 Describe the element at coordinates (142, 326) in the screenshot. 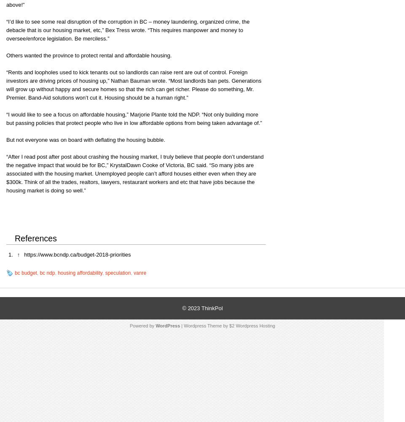

I see `'Powered by'` at that location.